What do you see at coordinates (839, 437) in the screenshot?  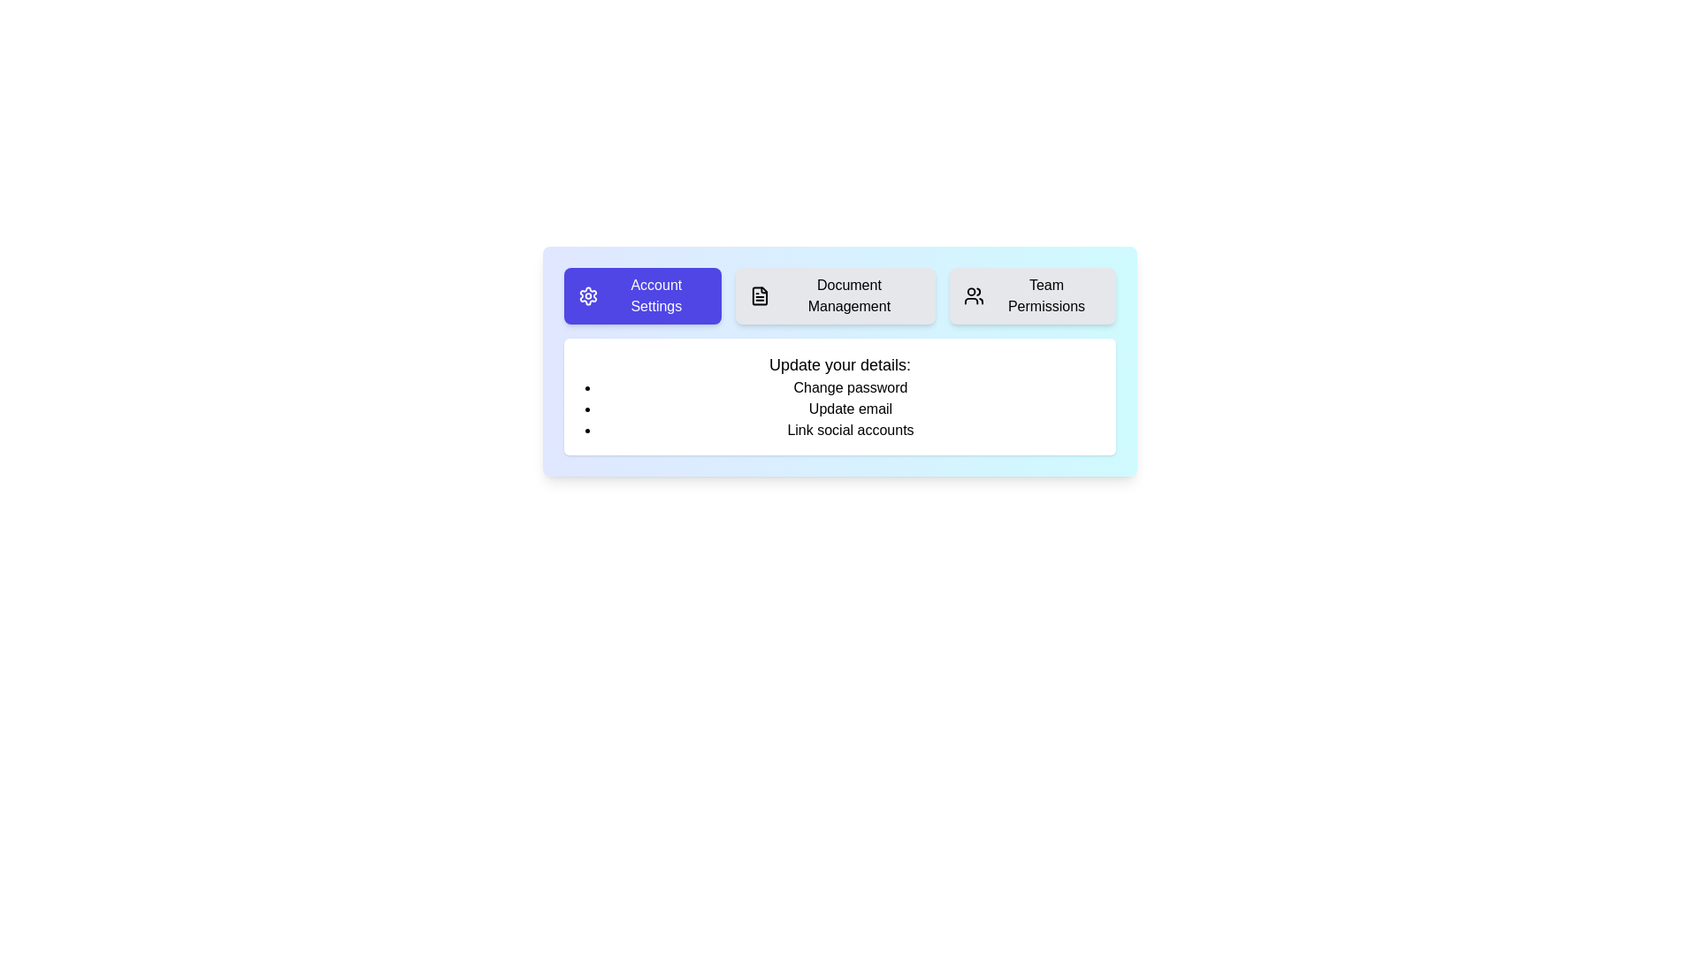 I see `options provided in the 'Update your details:' section, which includes 'Change password', 'Update email', and 'Link social accounts'` at bounding box center [839, 437].